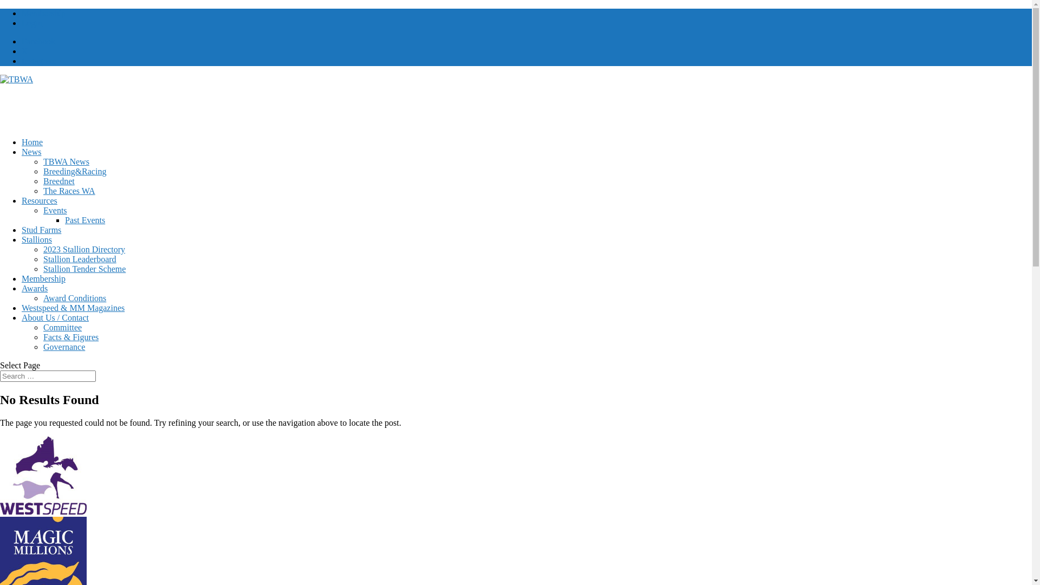 This screenshot has height=585, width=1040. Describe the element at coordinates (84, 219) in the screenshot. I see `'Past Events'` at that location.